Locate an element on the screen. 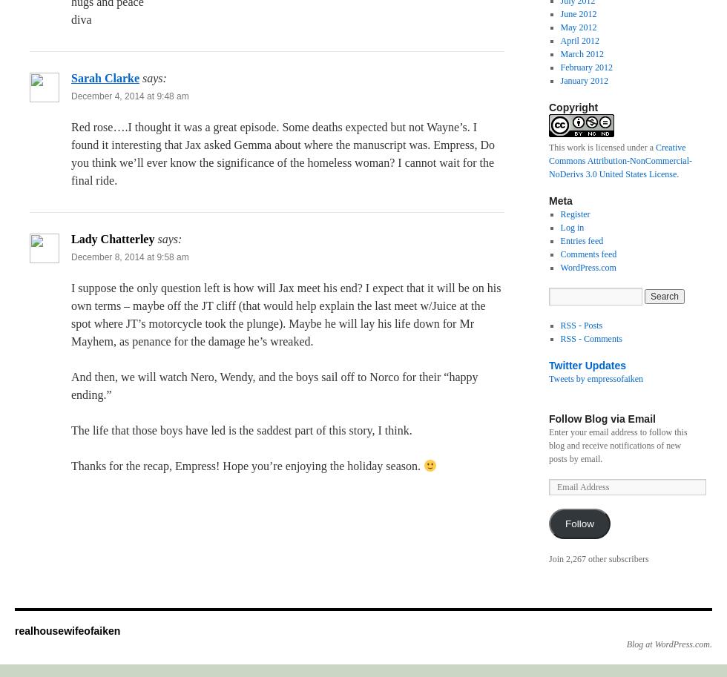 The height and width of the screenshot is (677, 727). 'Enter your email address to follow this blog and receive notifications of new posts by email.' is located at coordinates (618, 445).